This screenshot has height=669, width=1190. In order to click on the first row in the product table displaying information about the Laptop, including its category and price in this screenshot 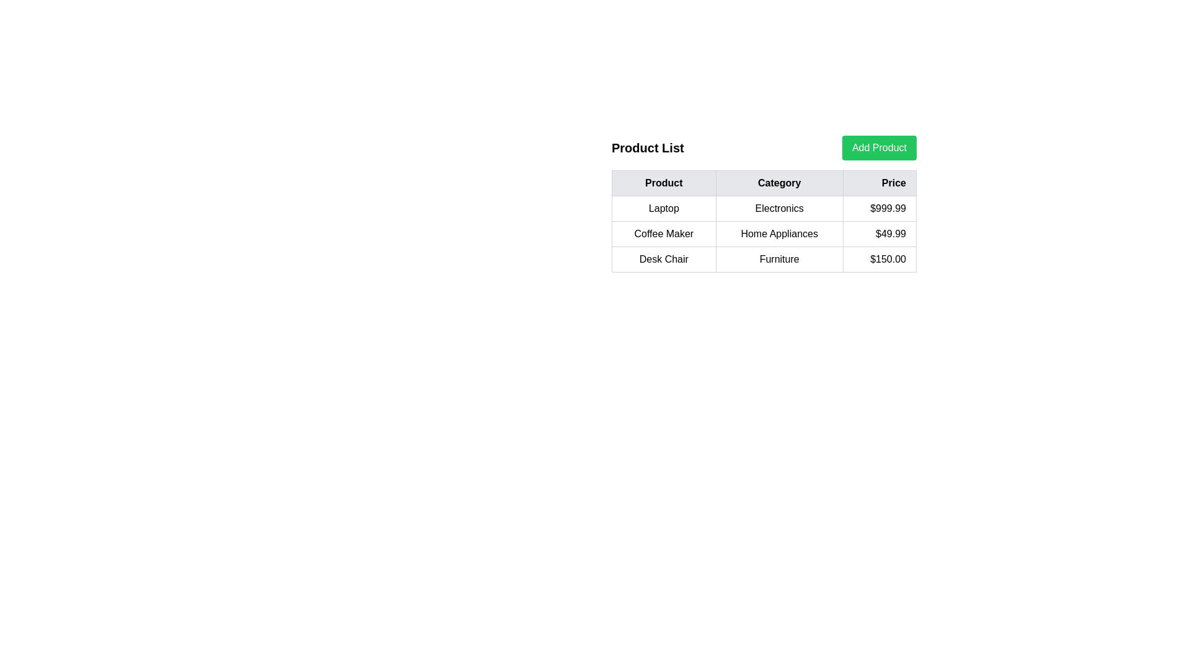, I will do `click(764, 208)`.